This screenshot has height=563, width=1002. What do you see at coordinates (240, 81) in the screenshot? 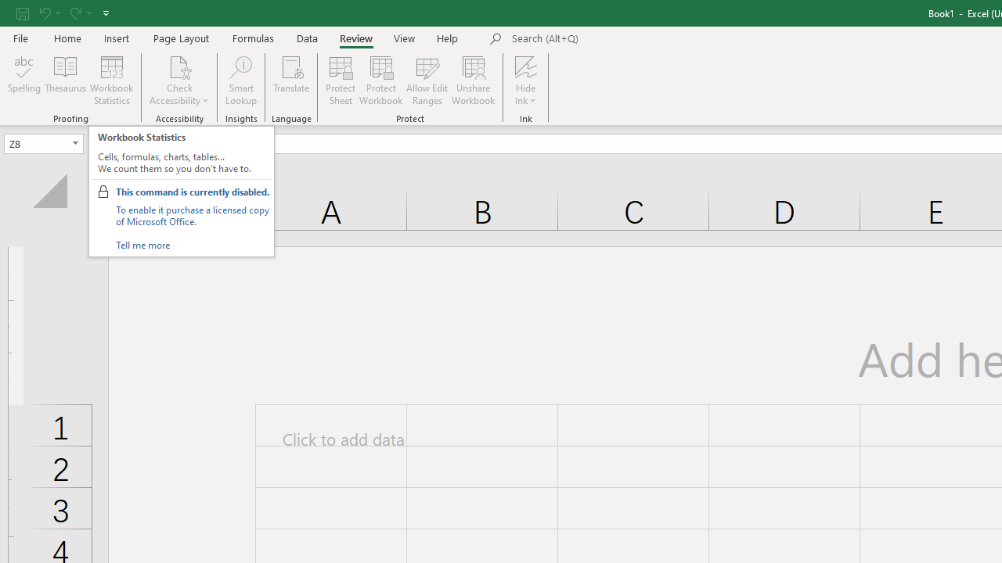
I see `'Smart Lookup'` at bounding box center [240, 81].